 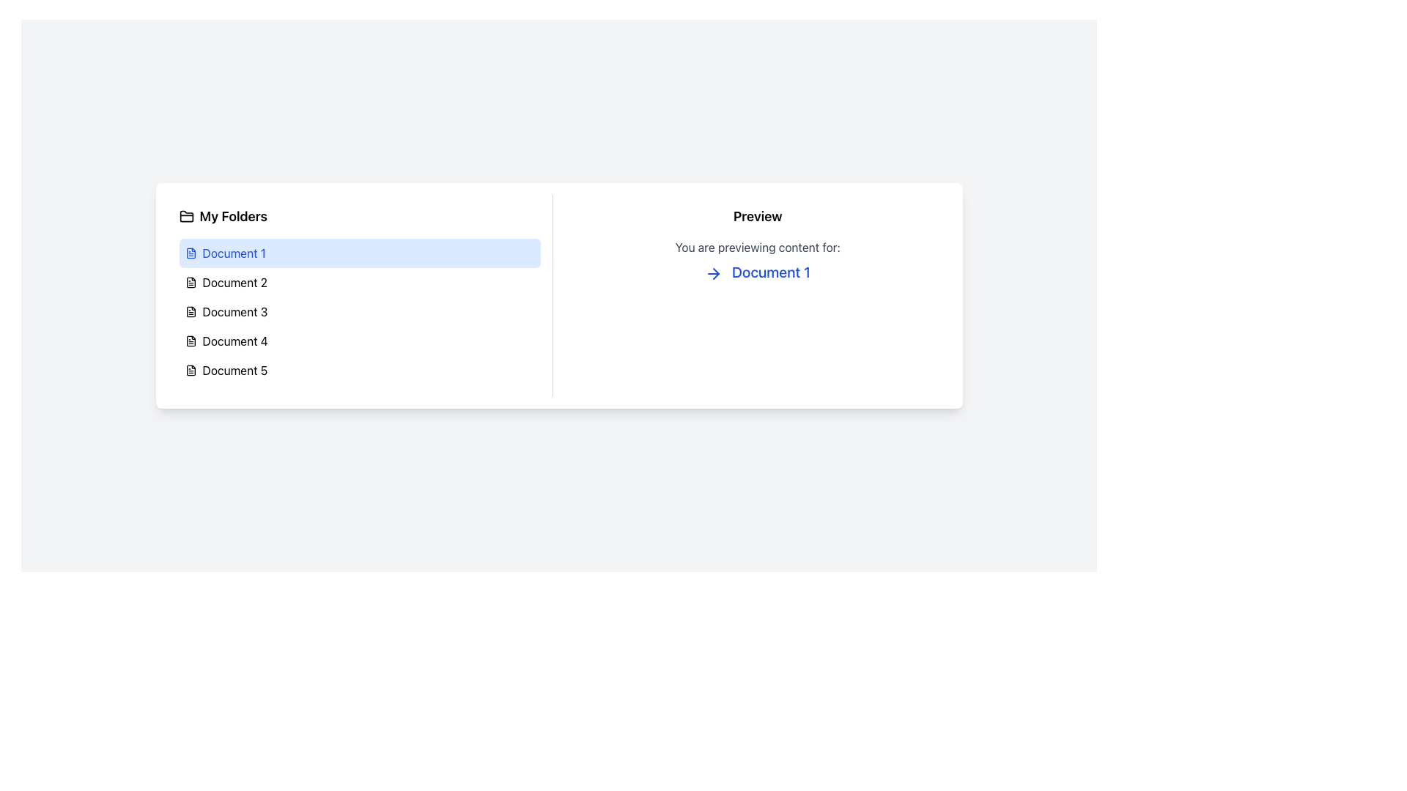 I want to click on the header text element located at the top-center of the section, which indicates the current focus or subject of the content beneath it, so click(x=758, y=217).